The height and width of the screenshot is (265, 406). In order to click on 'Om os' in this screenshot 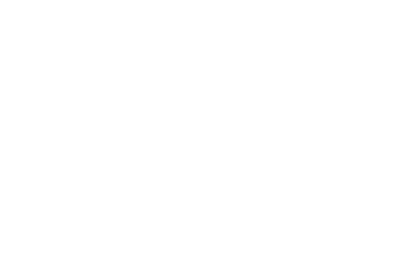, I will do `click(50, 125)`.